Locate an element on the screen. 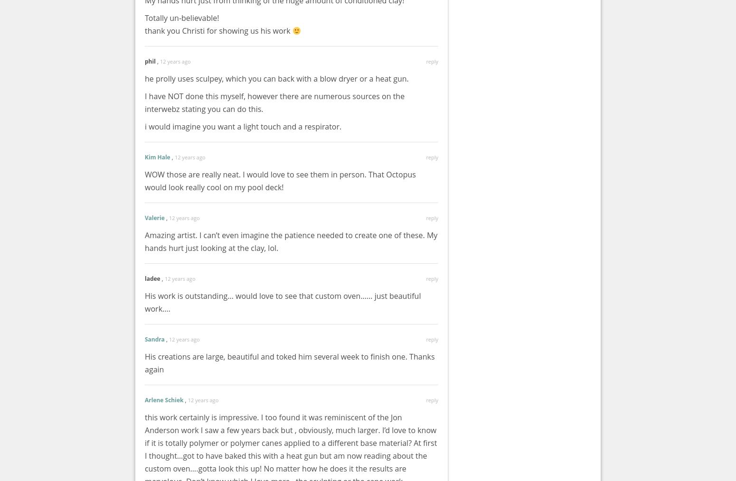  'Valerie' is located at coordinates (145, 218).